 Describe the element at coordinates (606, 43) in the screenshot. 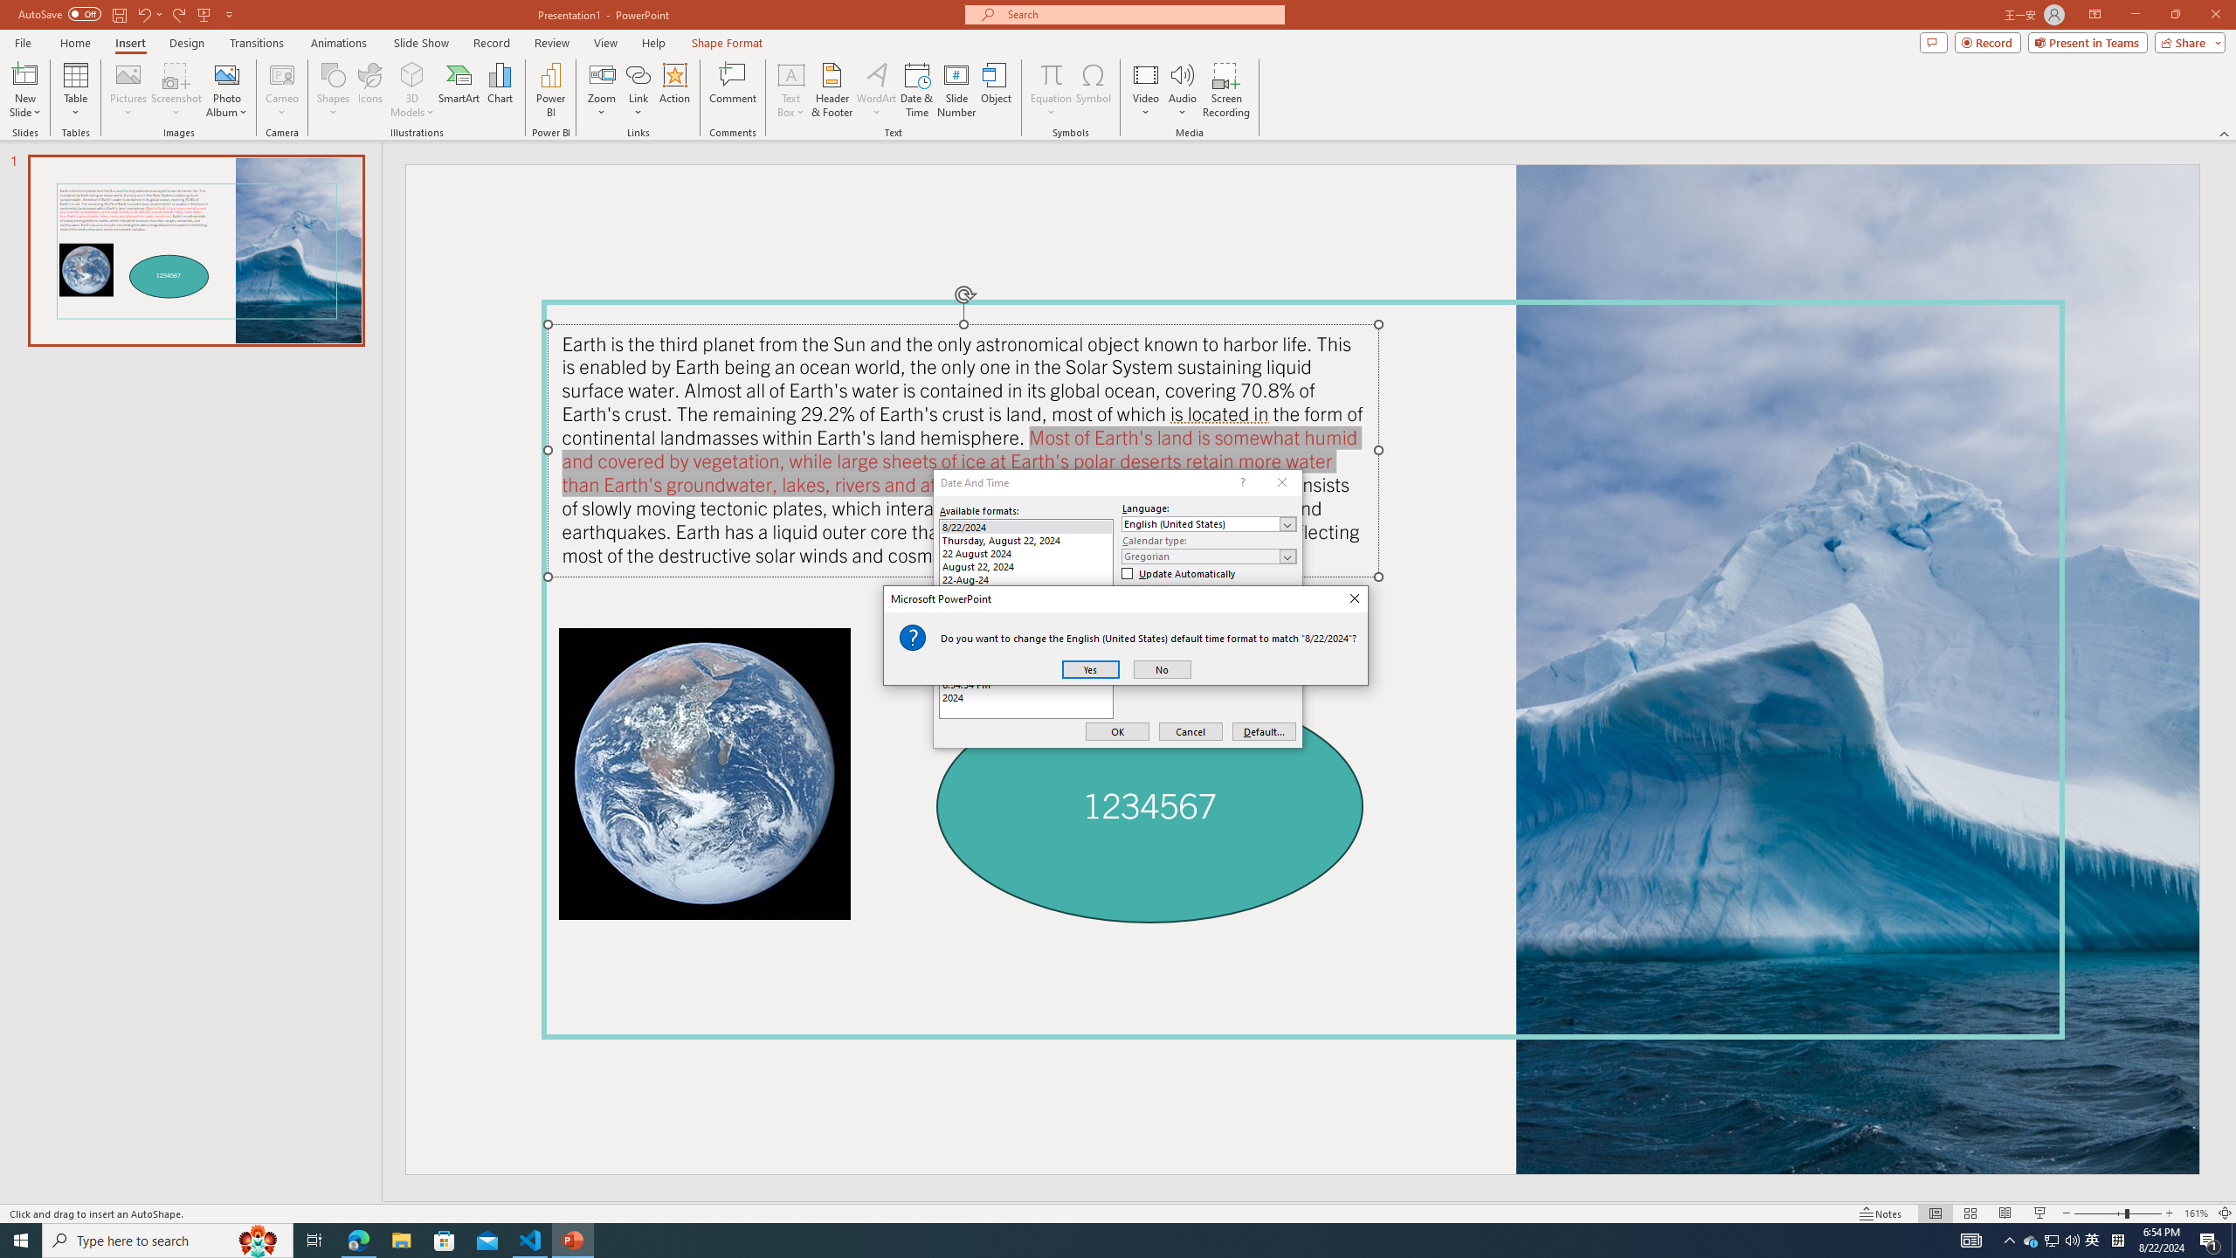

I see `'View'` at that location.